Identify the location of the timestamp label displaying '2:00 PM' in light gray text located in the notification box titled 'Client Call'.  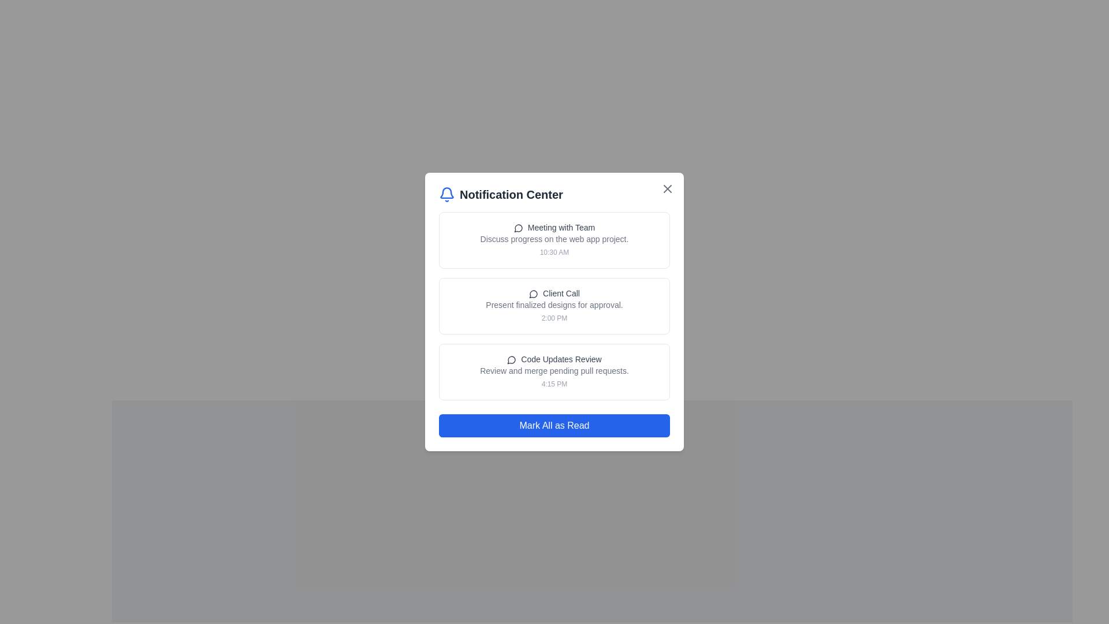
(554, 318).